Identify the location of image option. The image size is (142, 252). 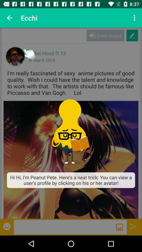
(119, 227).